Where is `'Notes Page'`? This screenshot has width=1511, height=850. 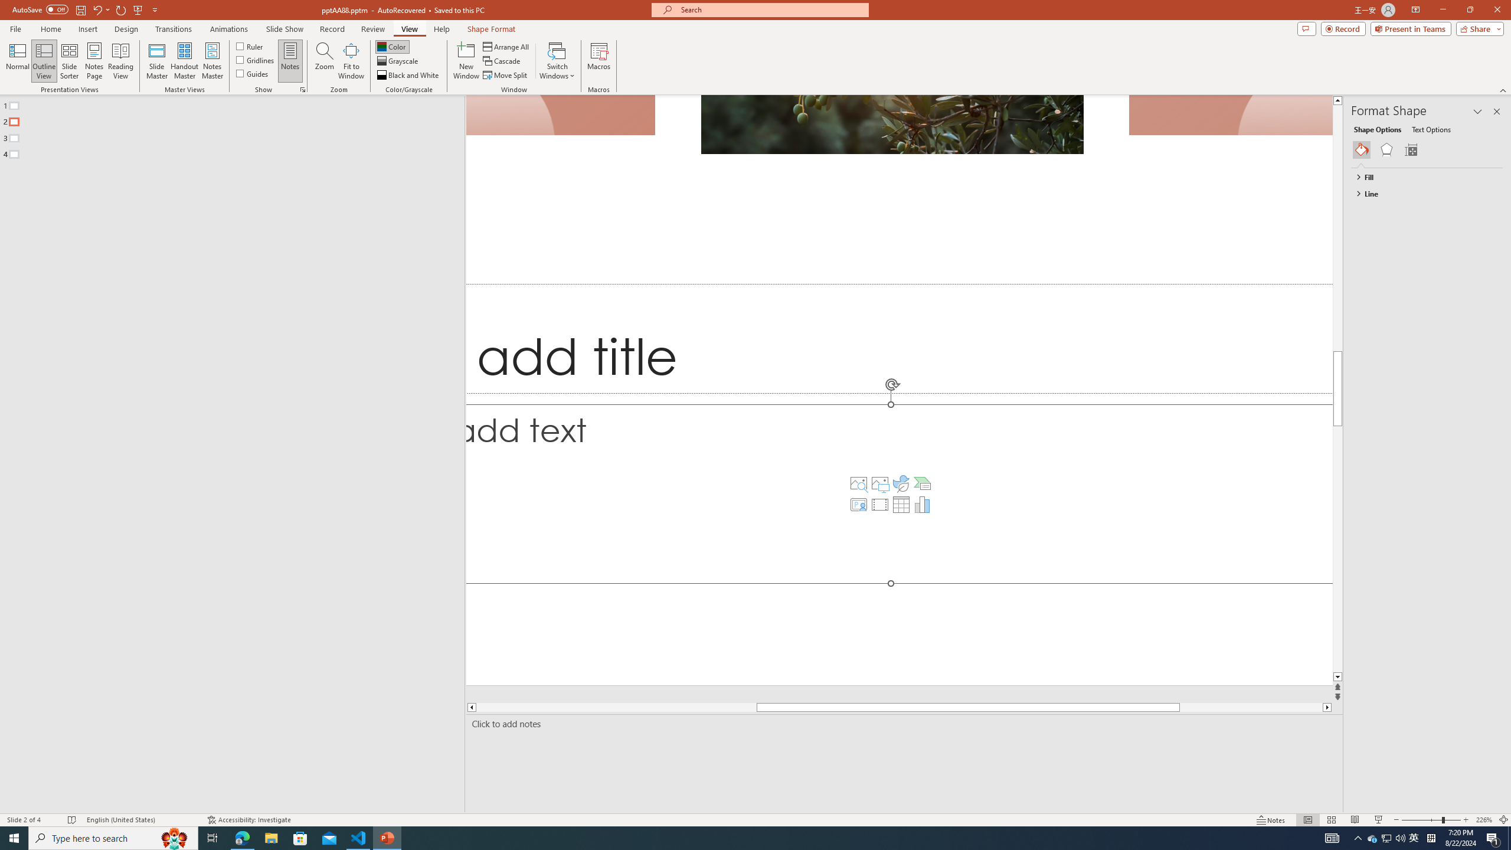 'Notes Page' is located at coordinates (94, 61).